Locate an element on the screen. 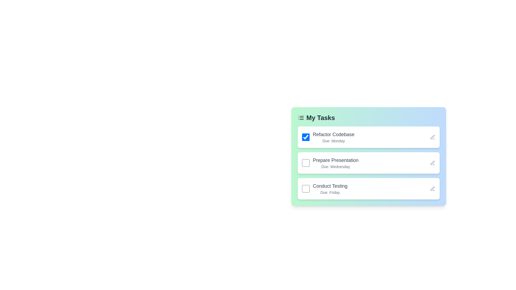 The image size is (516, 290). the edit icon for the task titled 'Refactor Codebase' is located at coordinates (432, 137).